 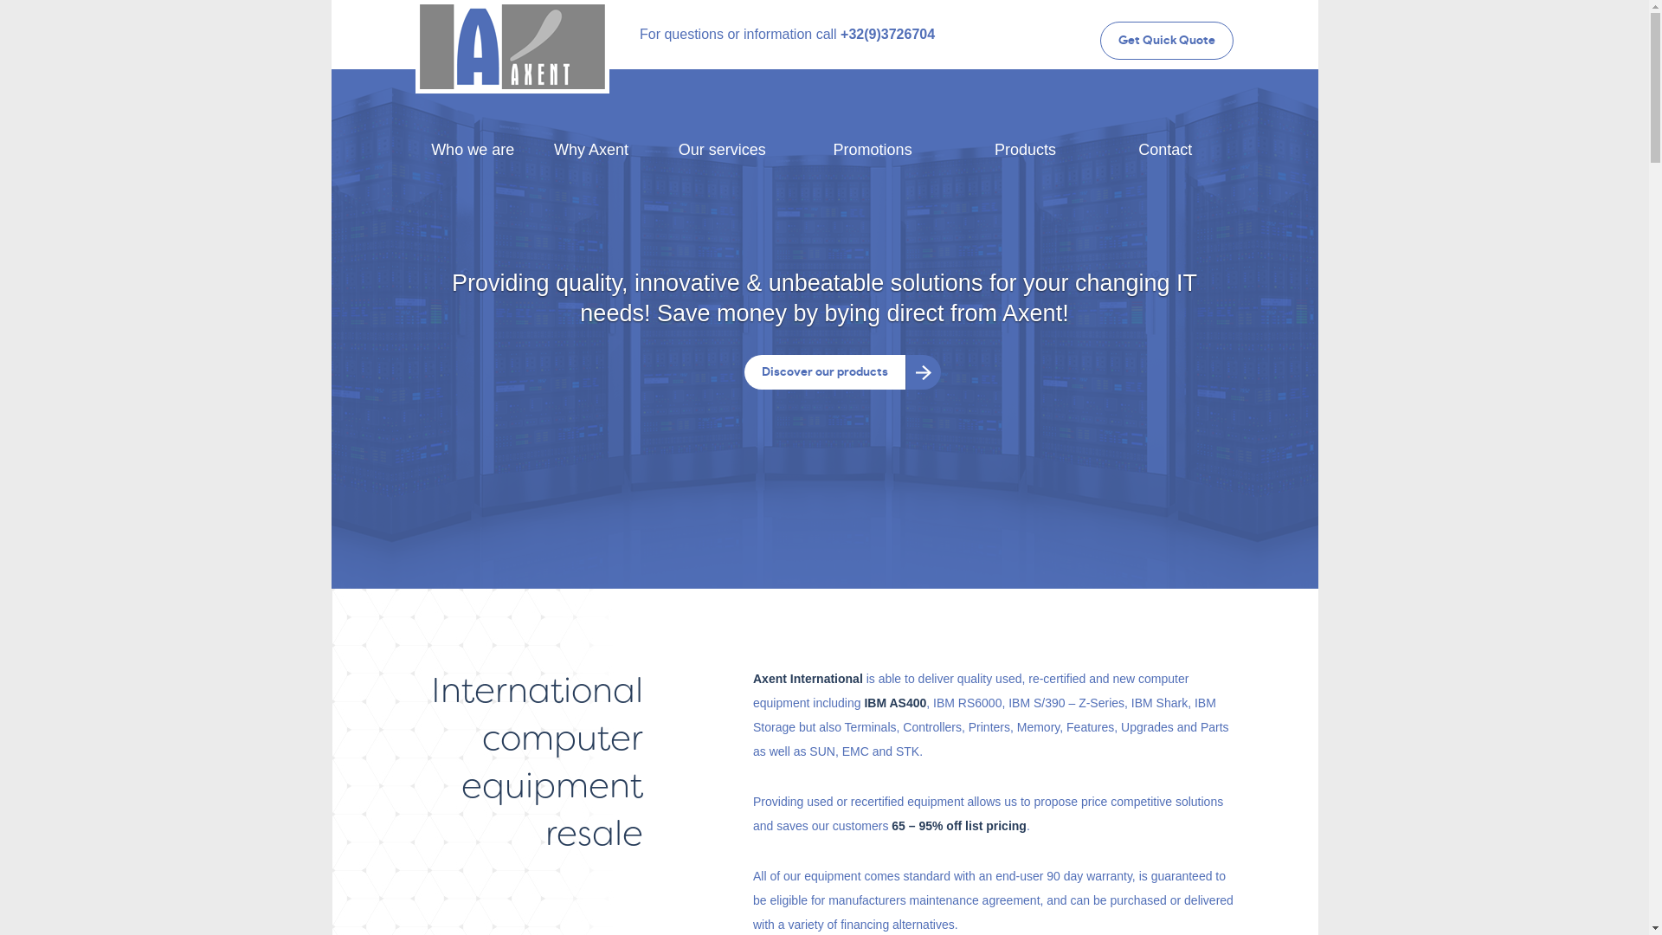 I want to click on 'Discover our products, so click(x=824, y=371).